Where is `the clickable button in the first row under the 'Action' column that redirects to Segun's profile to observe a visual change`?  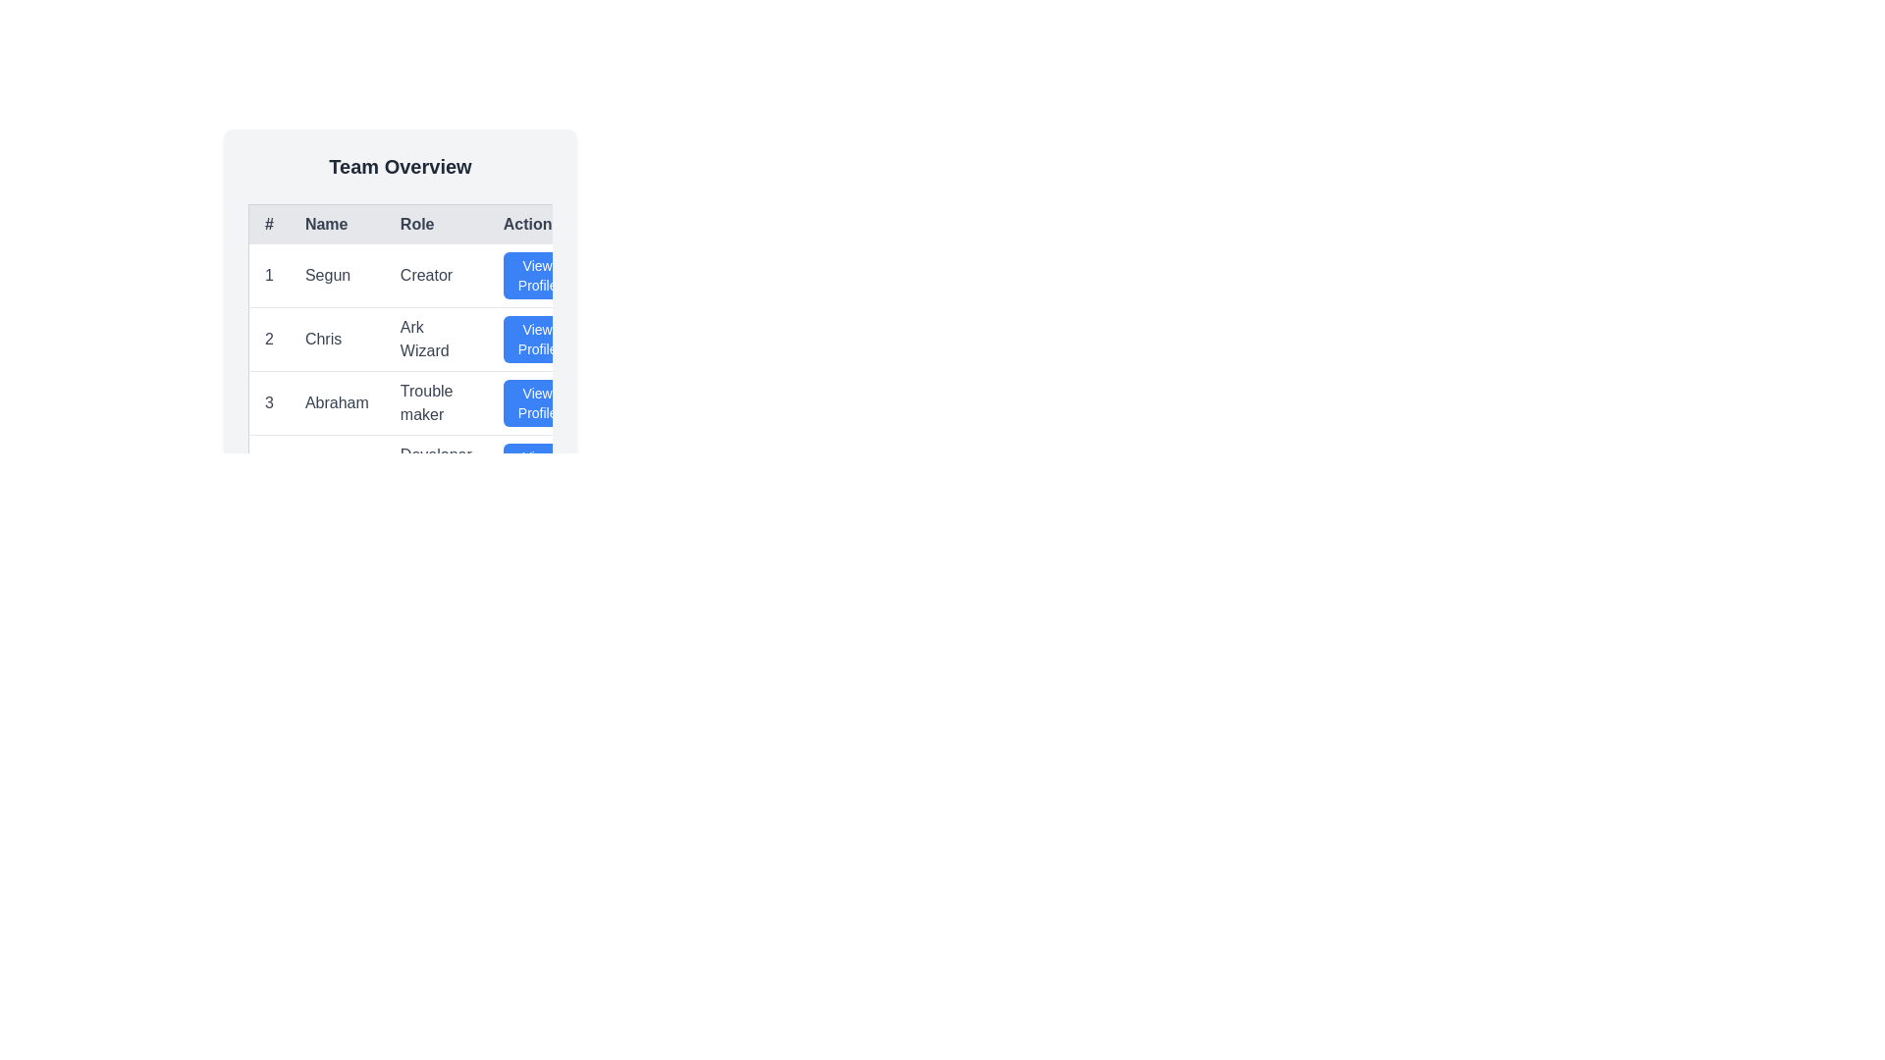
the clickable button in the first row under the 'Action' column that redirects to Segun's profile to observe a visual change is located at coordinates (546, 276).